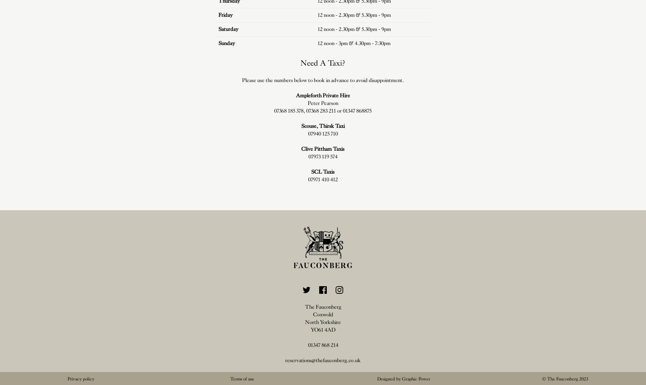  What do you see at coordinates (231, 29) in the screenshot?
I see `'urday'` at bounding box center [231, 29].